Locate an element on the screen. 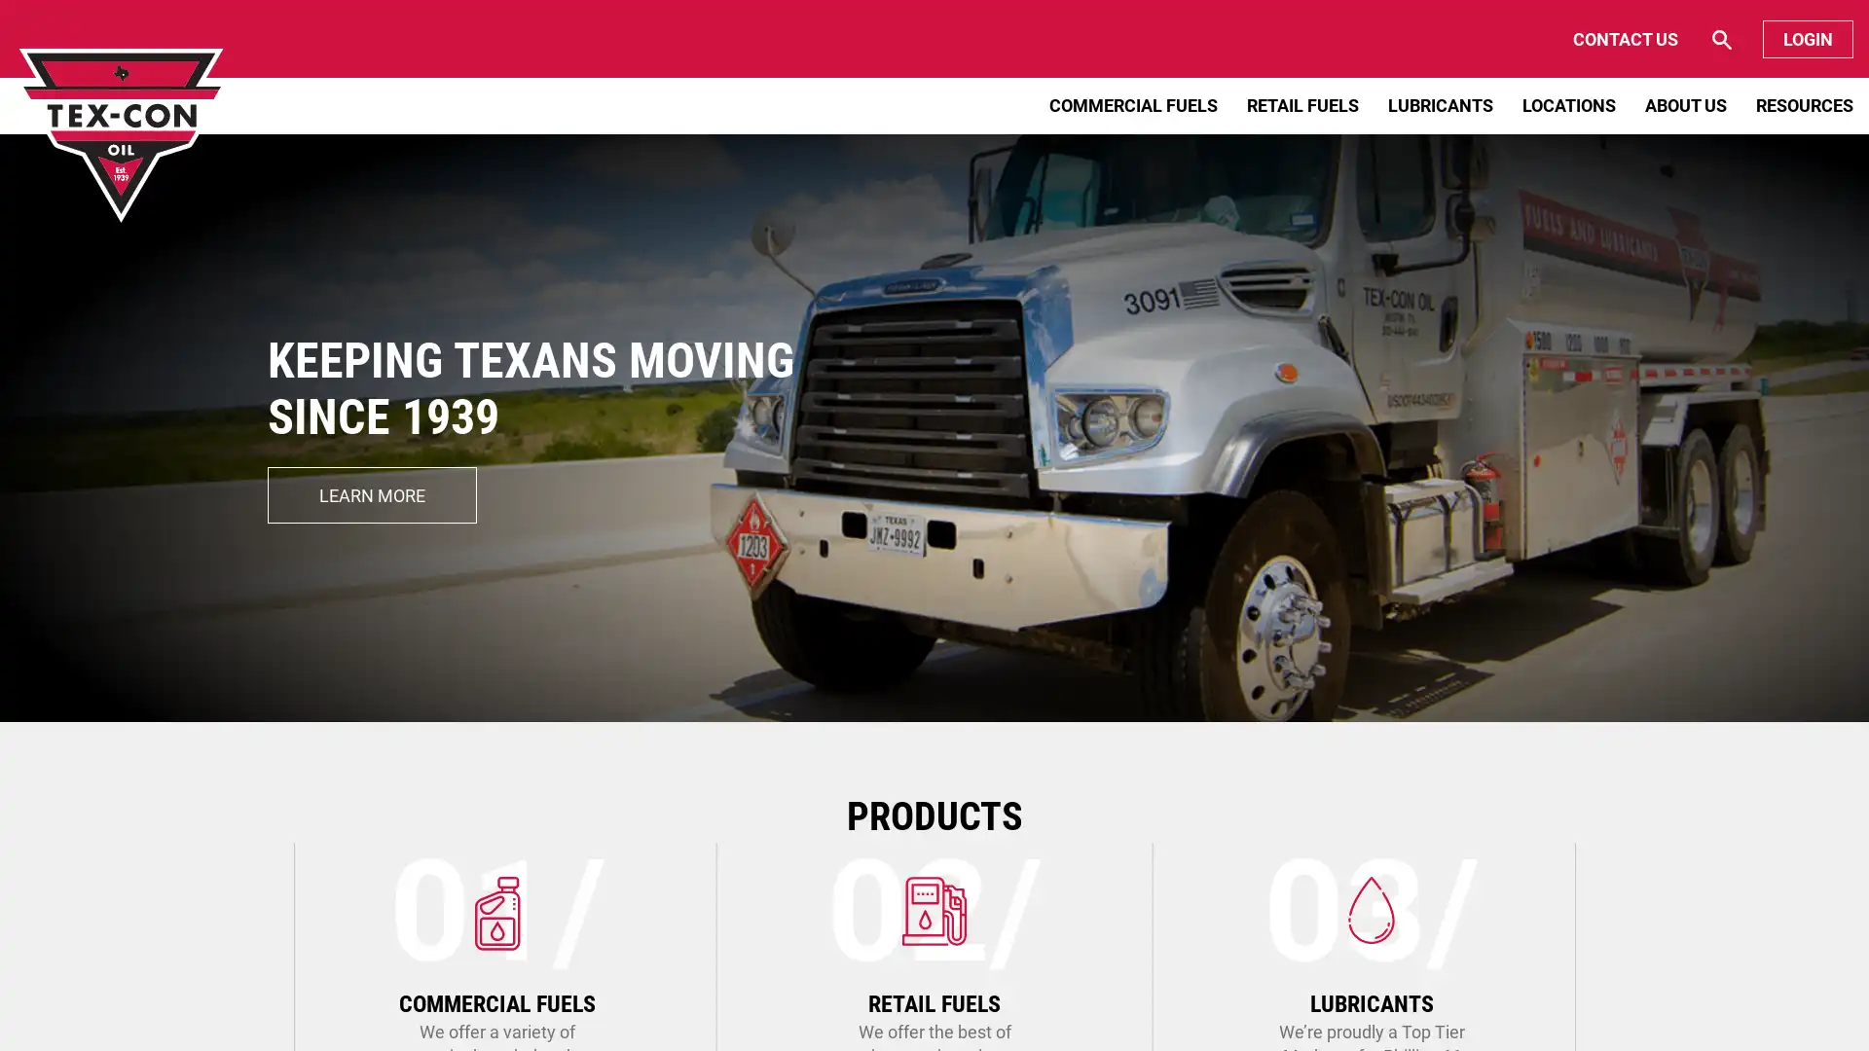 This screenshot has width=1869, height=1051. Close is located at coordinates (1737, 981).